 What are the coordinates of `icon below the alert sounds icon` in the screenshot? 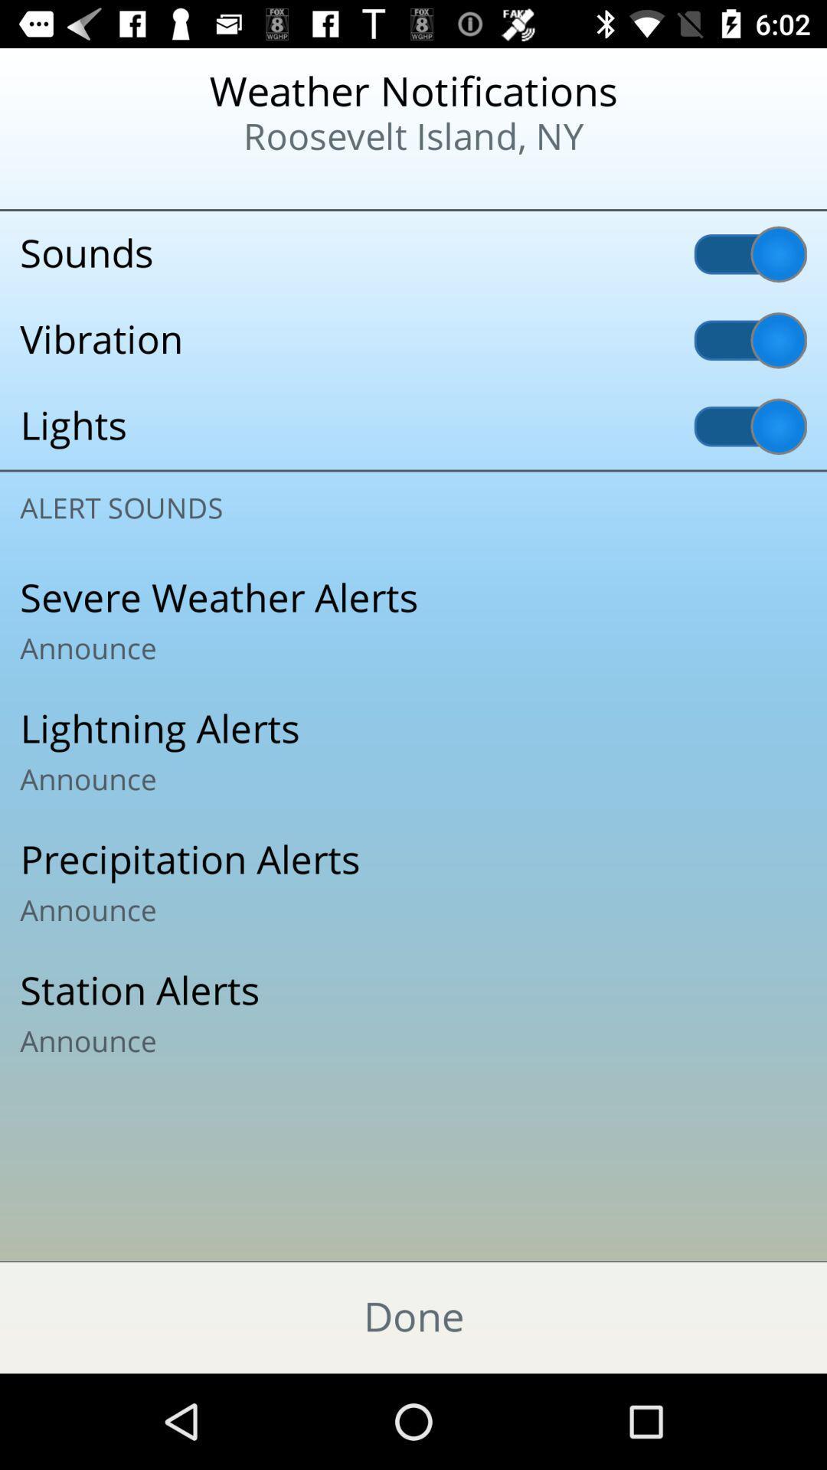 It's located at (413, 621).